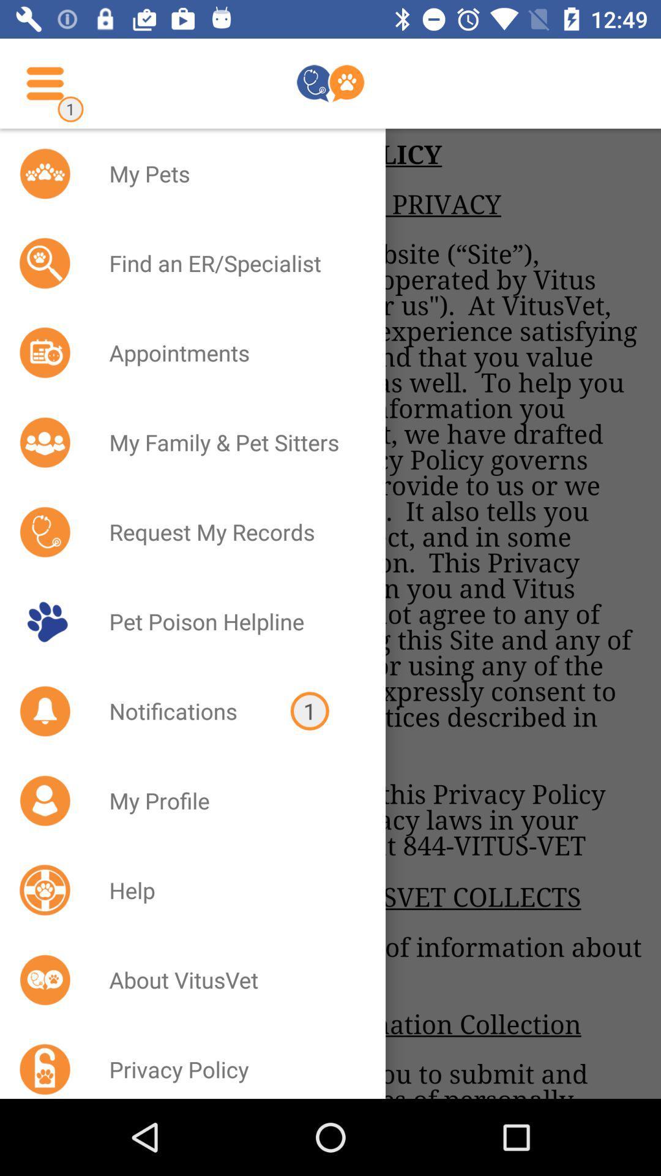  What do you see at coordinates (184, 711) in the screenshot?
I see `notifications icon` at bounding box center [184, 711].